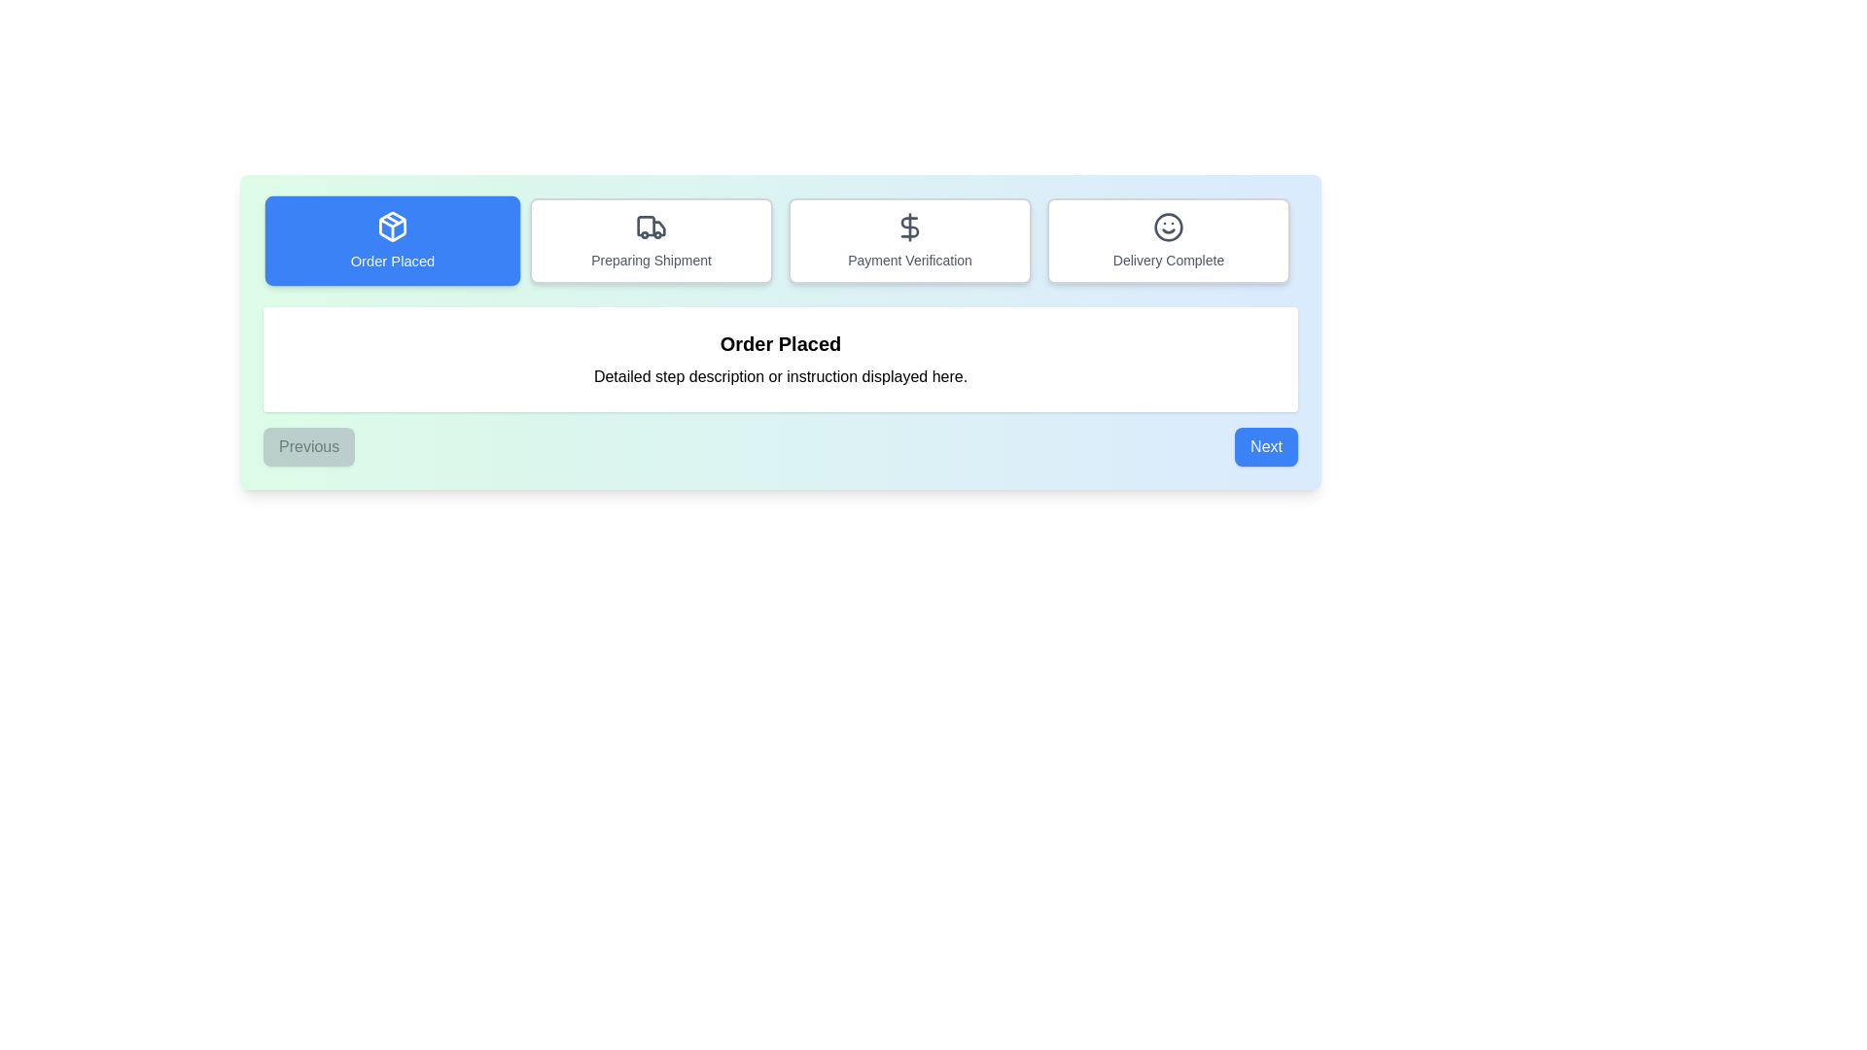  What do you see at coordinates (1167, 239) in the screenshot?
I see `the step indicator corresponding to Delivery Complete to highlight it` at bounding box center [1167, 239].